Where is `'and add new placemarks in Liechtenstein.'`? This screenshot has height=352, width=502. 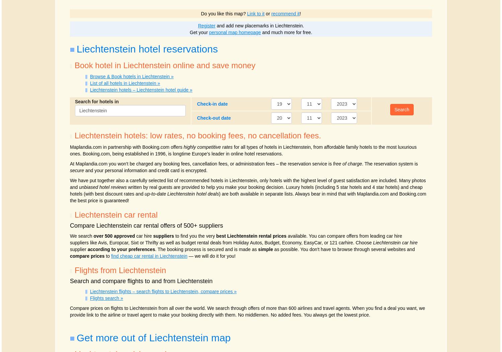 'and add new placemarks in Liechtenstein.' is located at coordinates (259, 25).